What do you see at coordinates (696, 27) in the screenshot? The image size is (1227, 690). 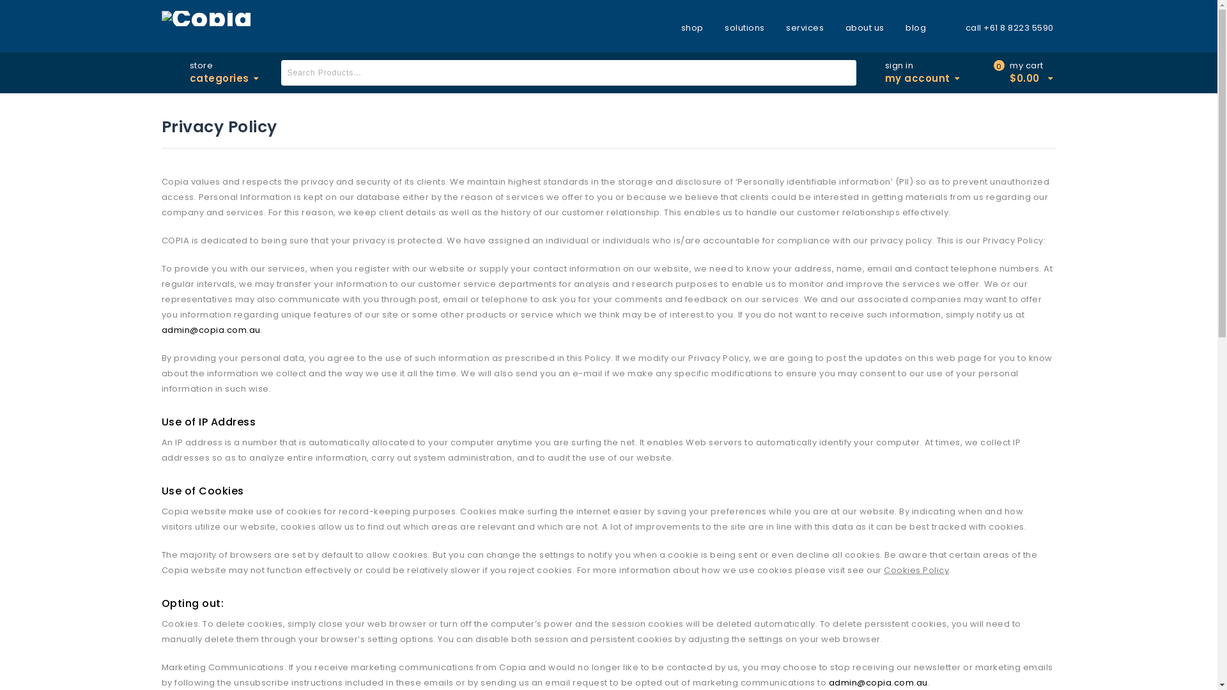 I see `'shop'` at bounding box center [696, 27].